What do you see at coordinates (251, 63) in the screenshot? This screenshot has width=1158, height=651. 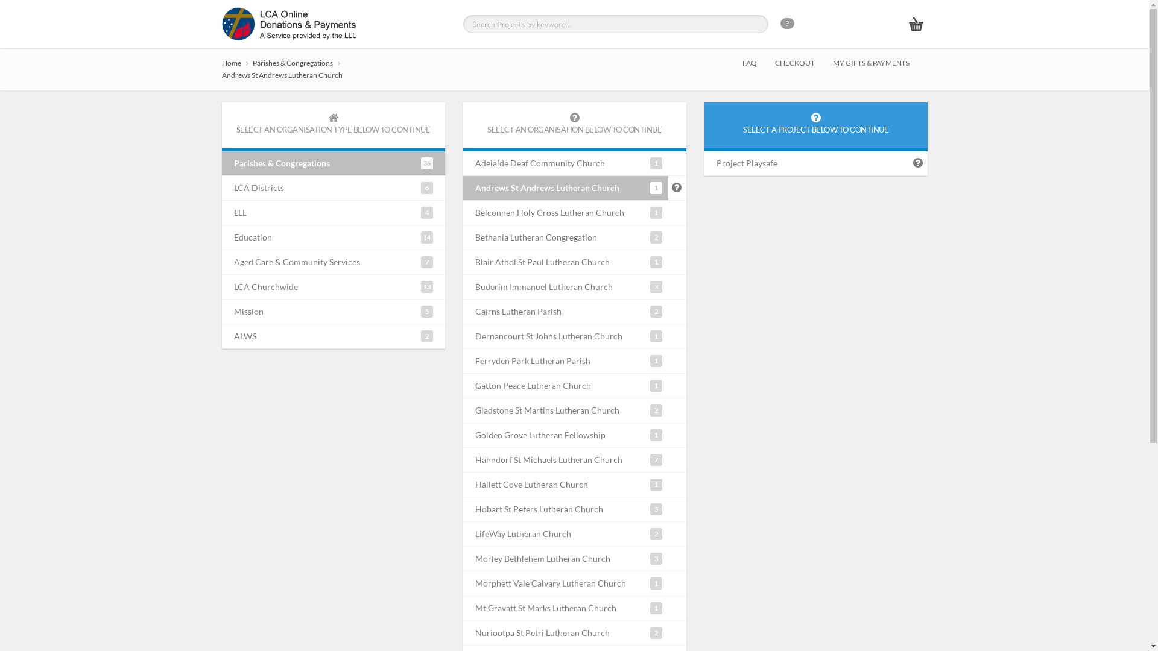 I see `'Parishes & Congregations'` at bounding box center [251, 63].